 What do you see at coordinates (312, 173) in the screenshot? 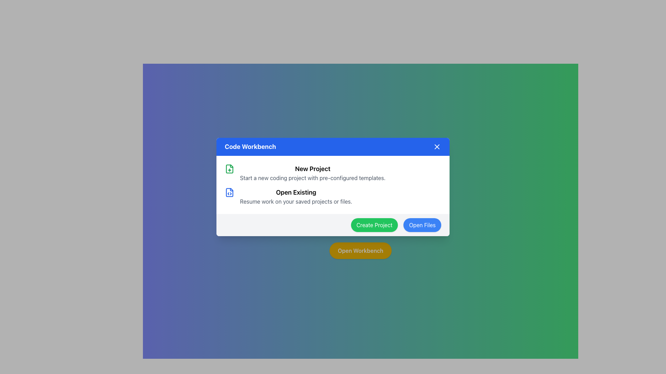
I see `the Informational Text Block titled 'New Project' that provides a description for starting a new coding project, located in the dialog box titled 'Code Workbench'` at bounding box center [312, 173].